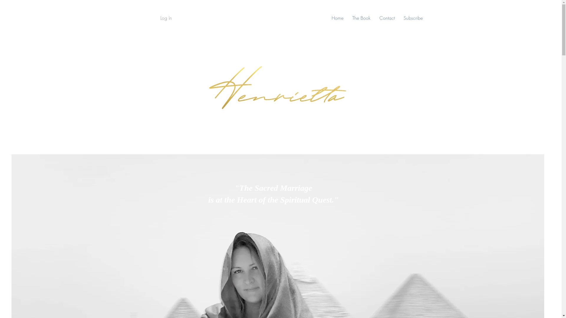 This screenshot has height=318, width=566. I want to click on 'The Book', so click(361, 18).